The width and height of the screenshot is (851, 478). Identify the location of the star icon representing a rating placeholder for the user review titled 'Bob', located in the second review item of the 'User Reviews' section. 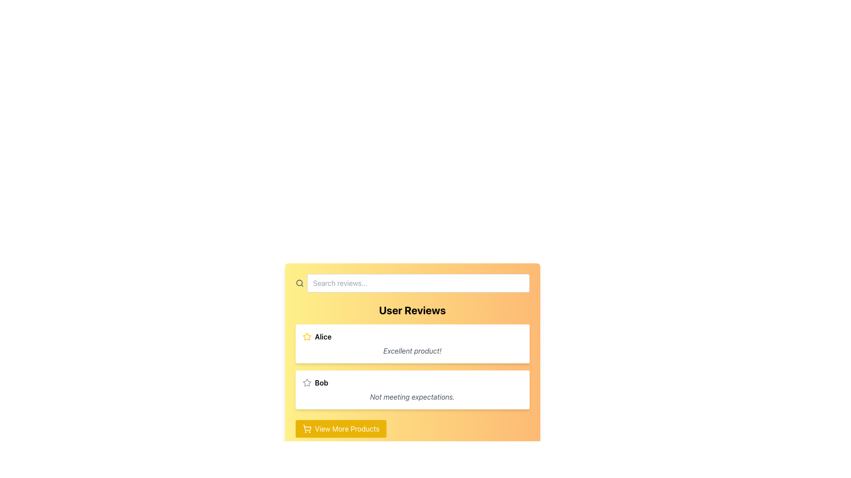
(307, 382).